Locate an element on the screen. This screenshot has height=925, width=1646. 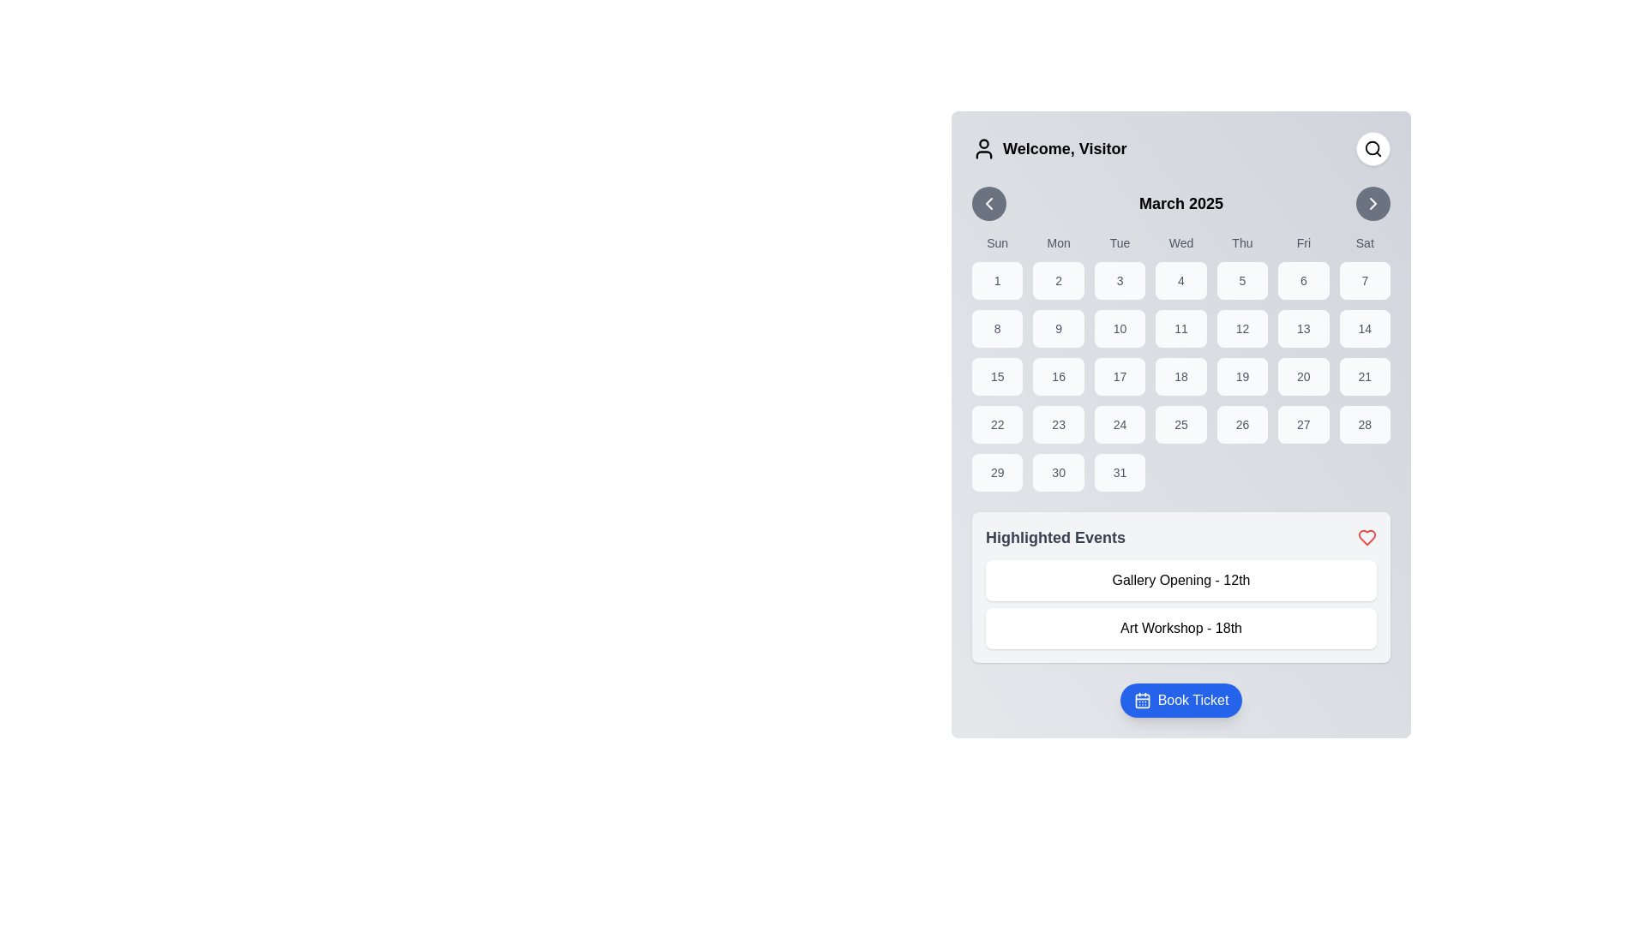
the upper component of the user profile icon, which is represented by a circular SVG element located at the top-left portion of the interface is located at coordinates (983, 143).